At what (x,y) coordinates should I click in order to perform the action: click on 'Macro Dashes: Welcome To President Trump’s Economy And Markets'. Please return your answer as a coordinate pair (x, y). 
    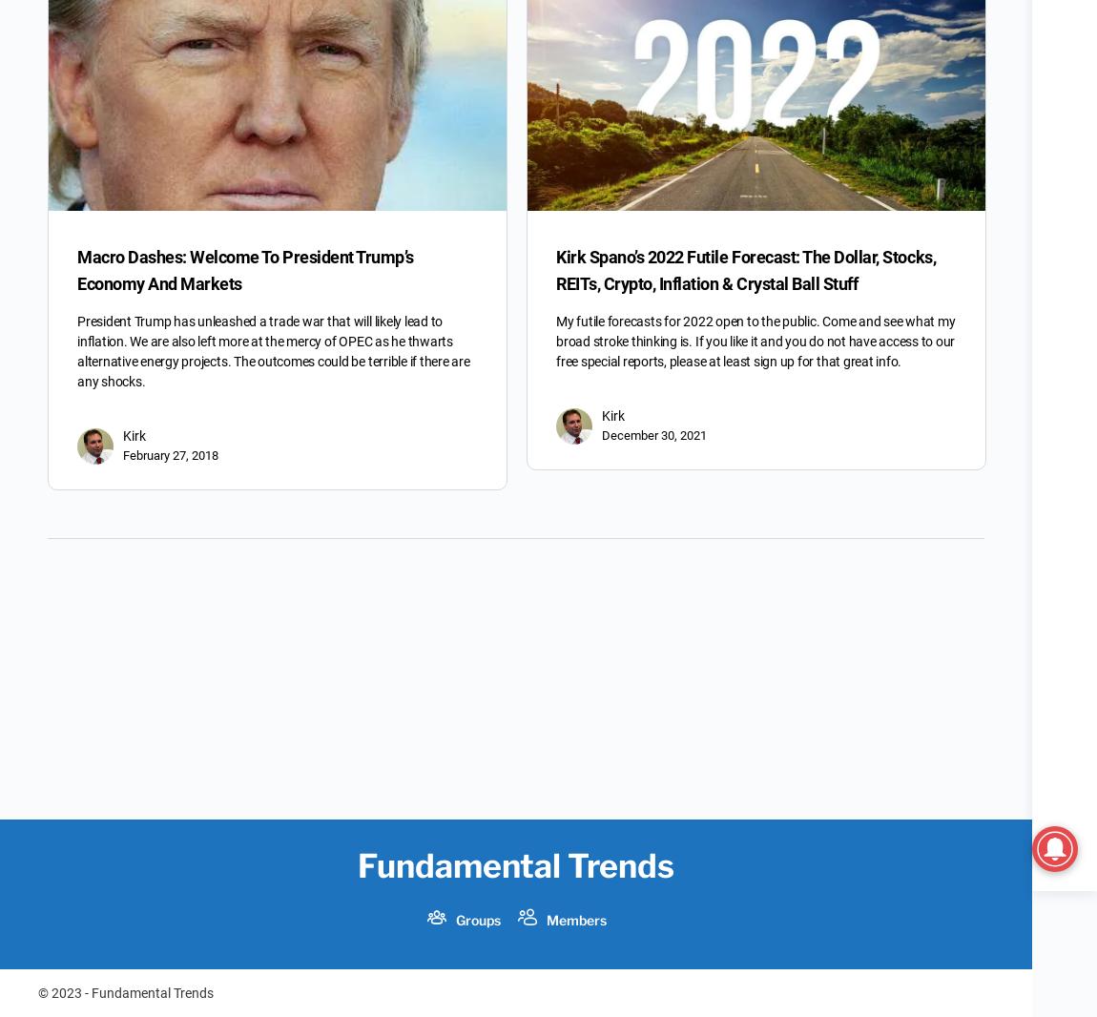
    Looking at the image, I should click on (244, 270).